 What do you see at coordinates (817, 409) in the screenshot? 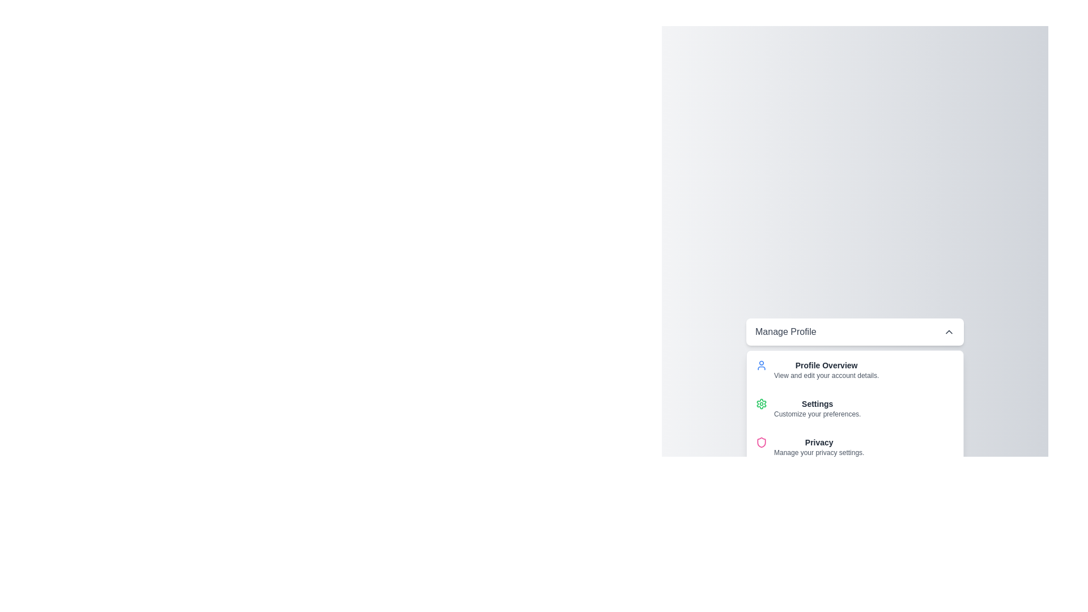
I see `the 'Settings' text element in the vertical list under the 'Manage Profile' section` at bounding box center [817, 409].